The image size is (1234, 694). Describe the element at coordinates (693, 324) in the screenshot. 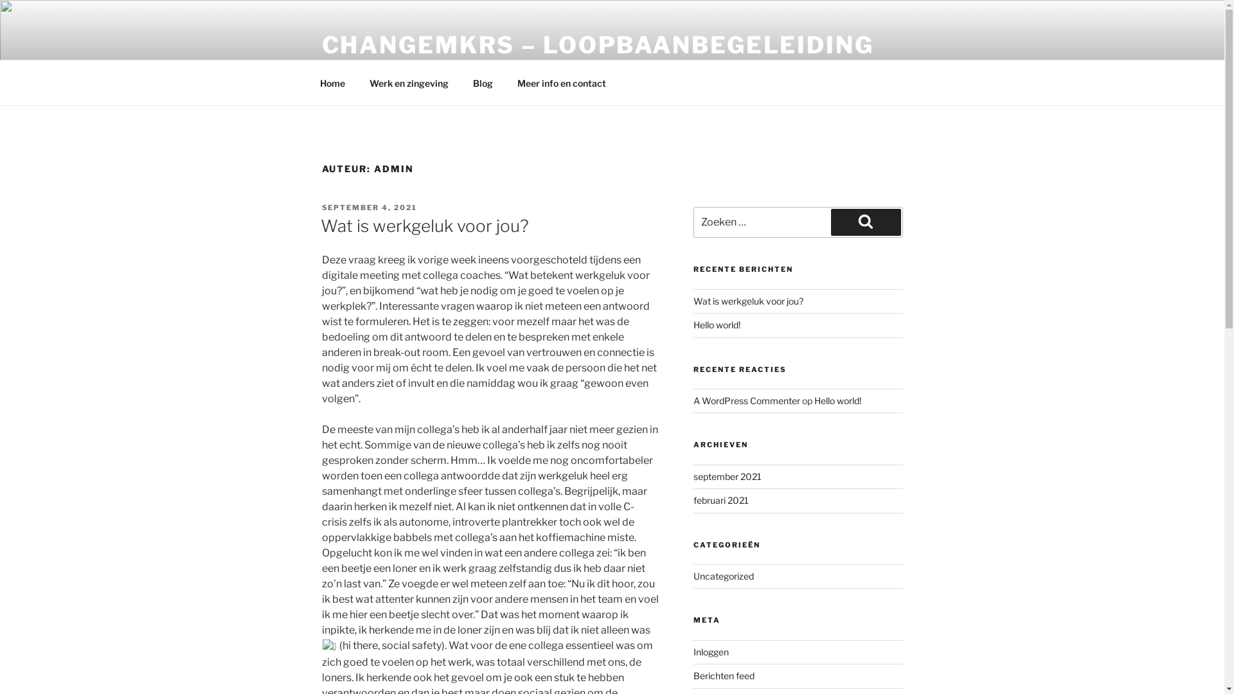

I see `'Hello world!'` at that location.